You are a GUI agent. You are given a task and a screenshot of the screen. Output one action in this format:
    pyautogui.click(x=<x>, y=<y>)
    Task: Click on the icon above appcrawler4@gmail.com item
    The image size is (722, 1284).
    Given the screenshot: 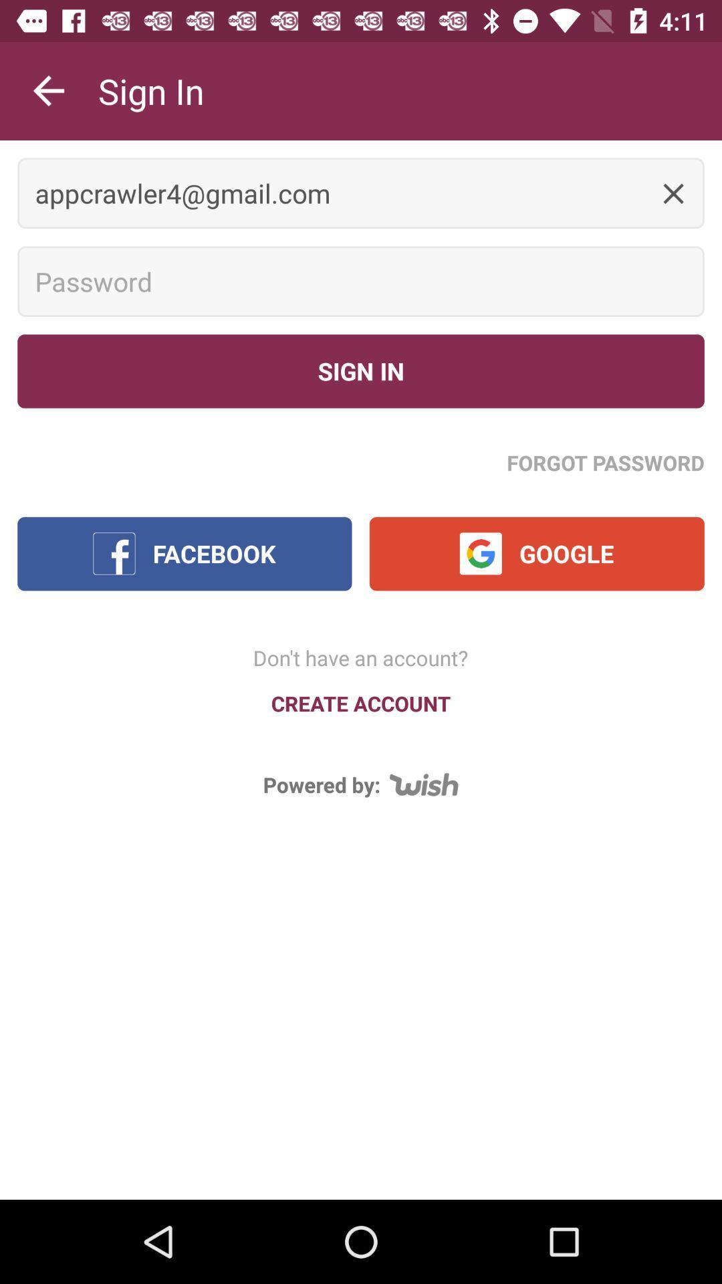 What is the action you would take?
    pyautogui.click(x=48, y=90)
    